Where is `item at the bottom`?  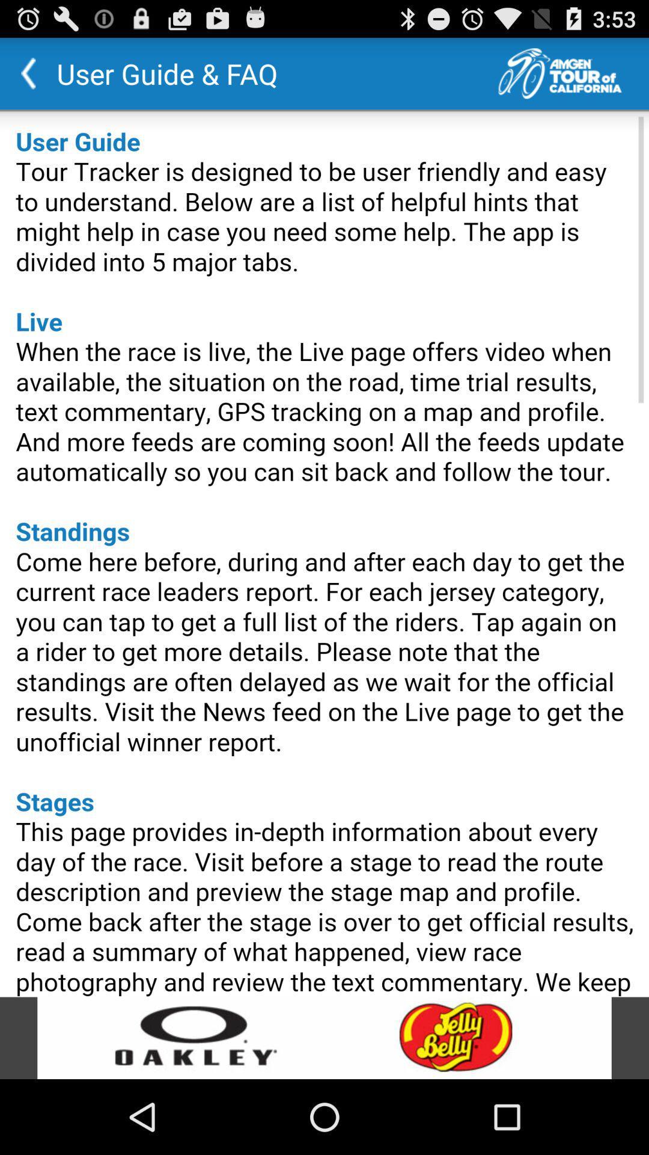
item at the bottom is located at coordinates (324, 1037).